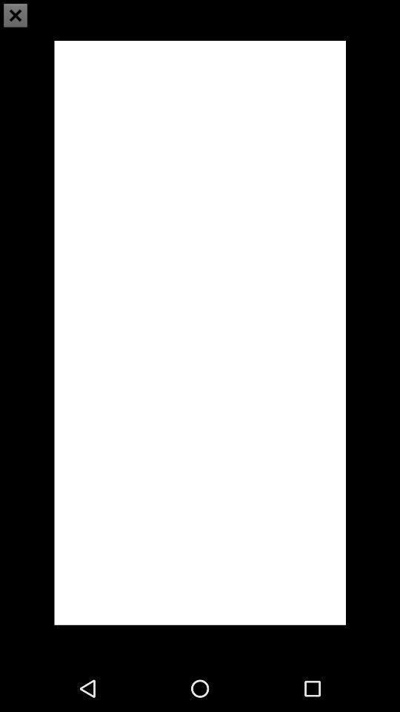 This screenshot has height=712, width=400. I want to click on the close icon, so click(15, 16).